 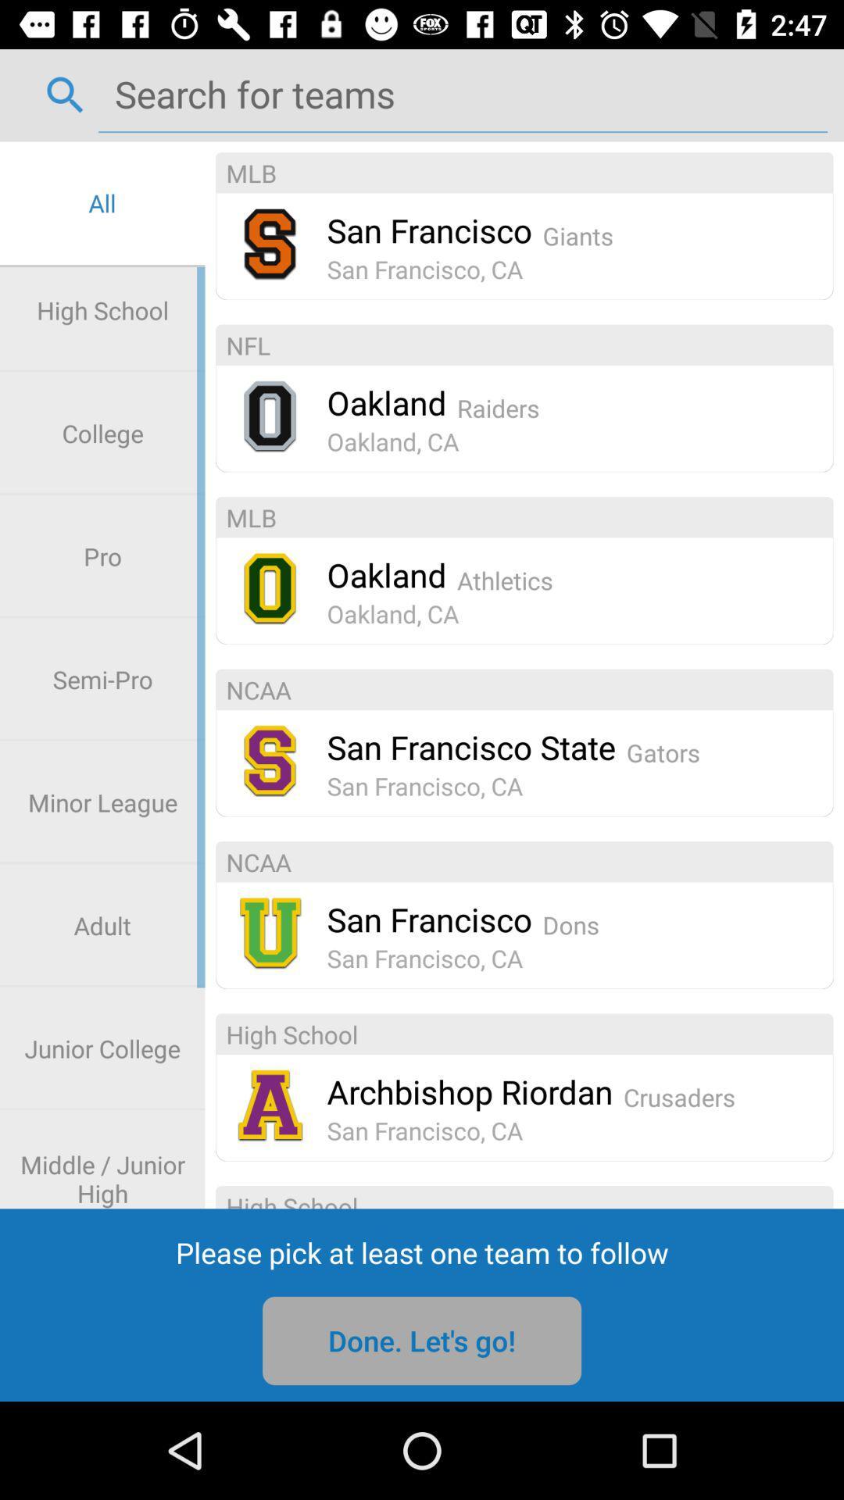 What do you see at coordinates (422, 1340) in the screenshot?
I see `item below the please pick at icon` at bounding box center [422, 1340].